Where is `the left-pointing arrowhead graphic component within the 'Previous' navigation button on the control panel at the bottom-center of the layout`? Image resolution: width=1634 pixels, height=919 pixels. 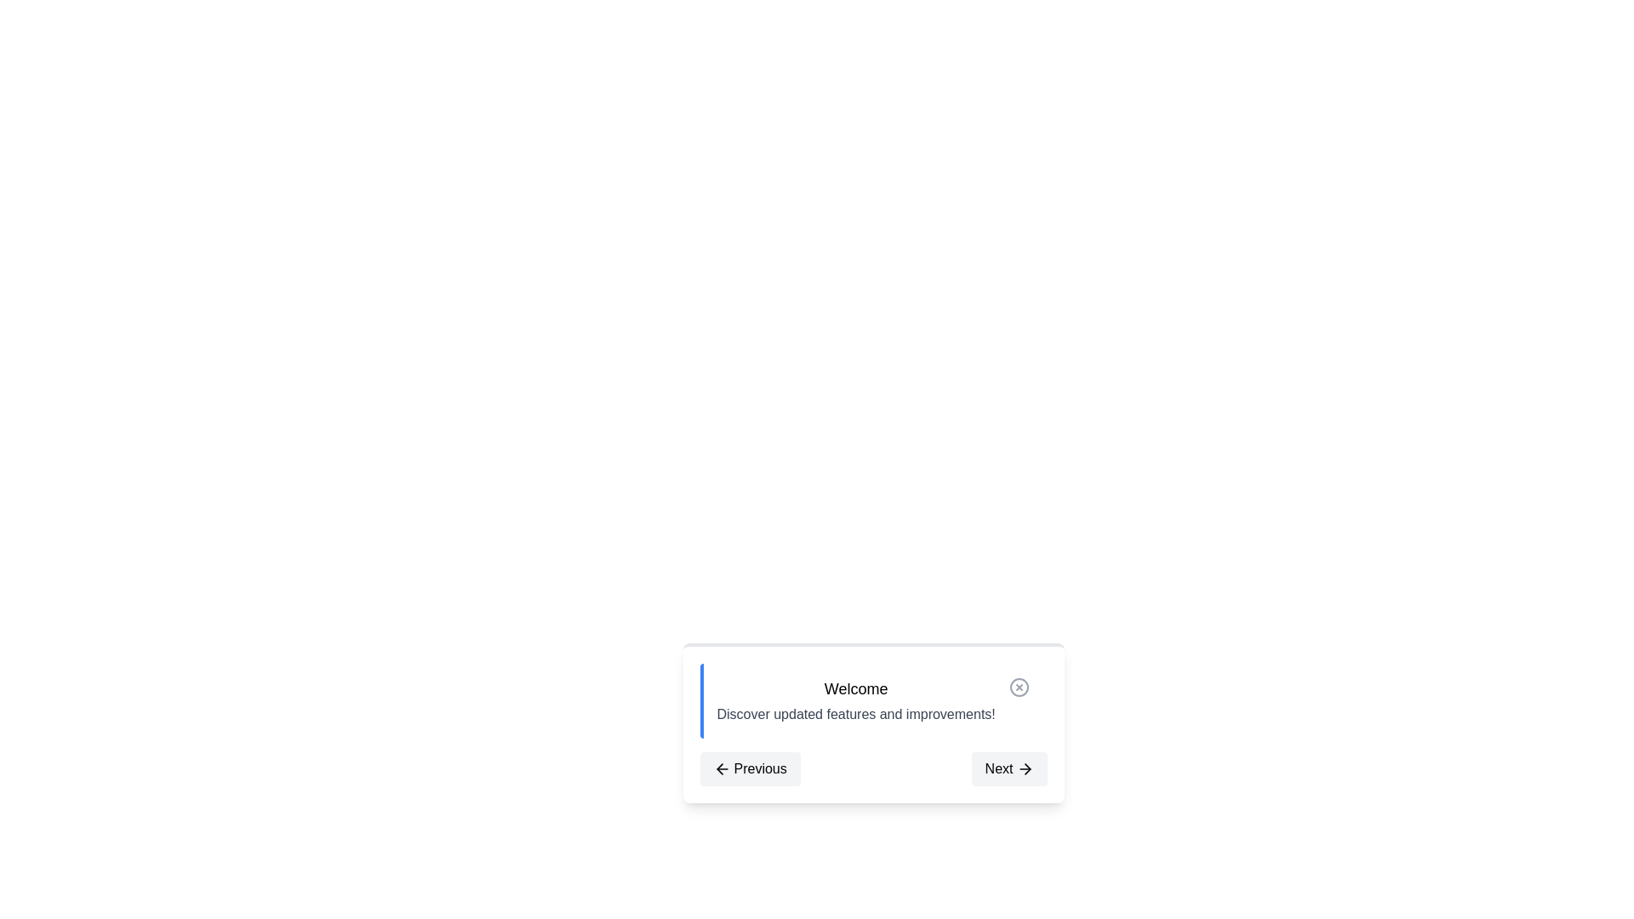
the left-pointing arrowhead graphic component within the 'Previous' navigation button on the control panel at the bottom-center of the layout is located at coordinates (719, 768).